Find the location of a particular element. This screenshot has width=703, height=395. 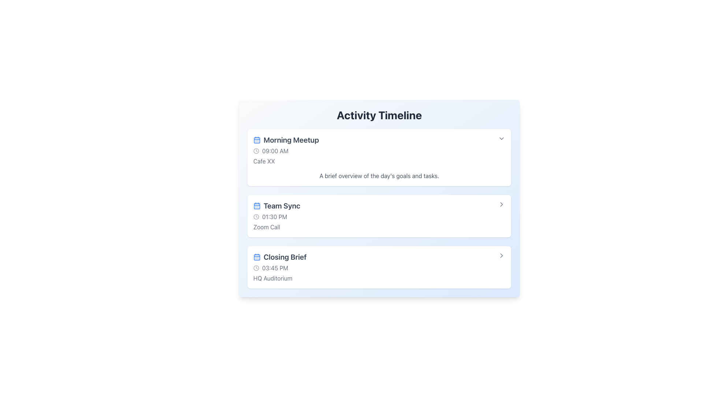

the time icon representing '09:00 AM' in the Activity Timeline, positioned to the left of the time text is located at coordinates (256, 150).